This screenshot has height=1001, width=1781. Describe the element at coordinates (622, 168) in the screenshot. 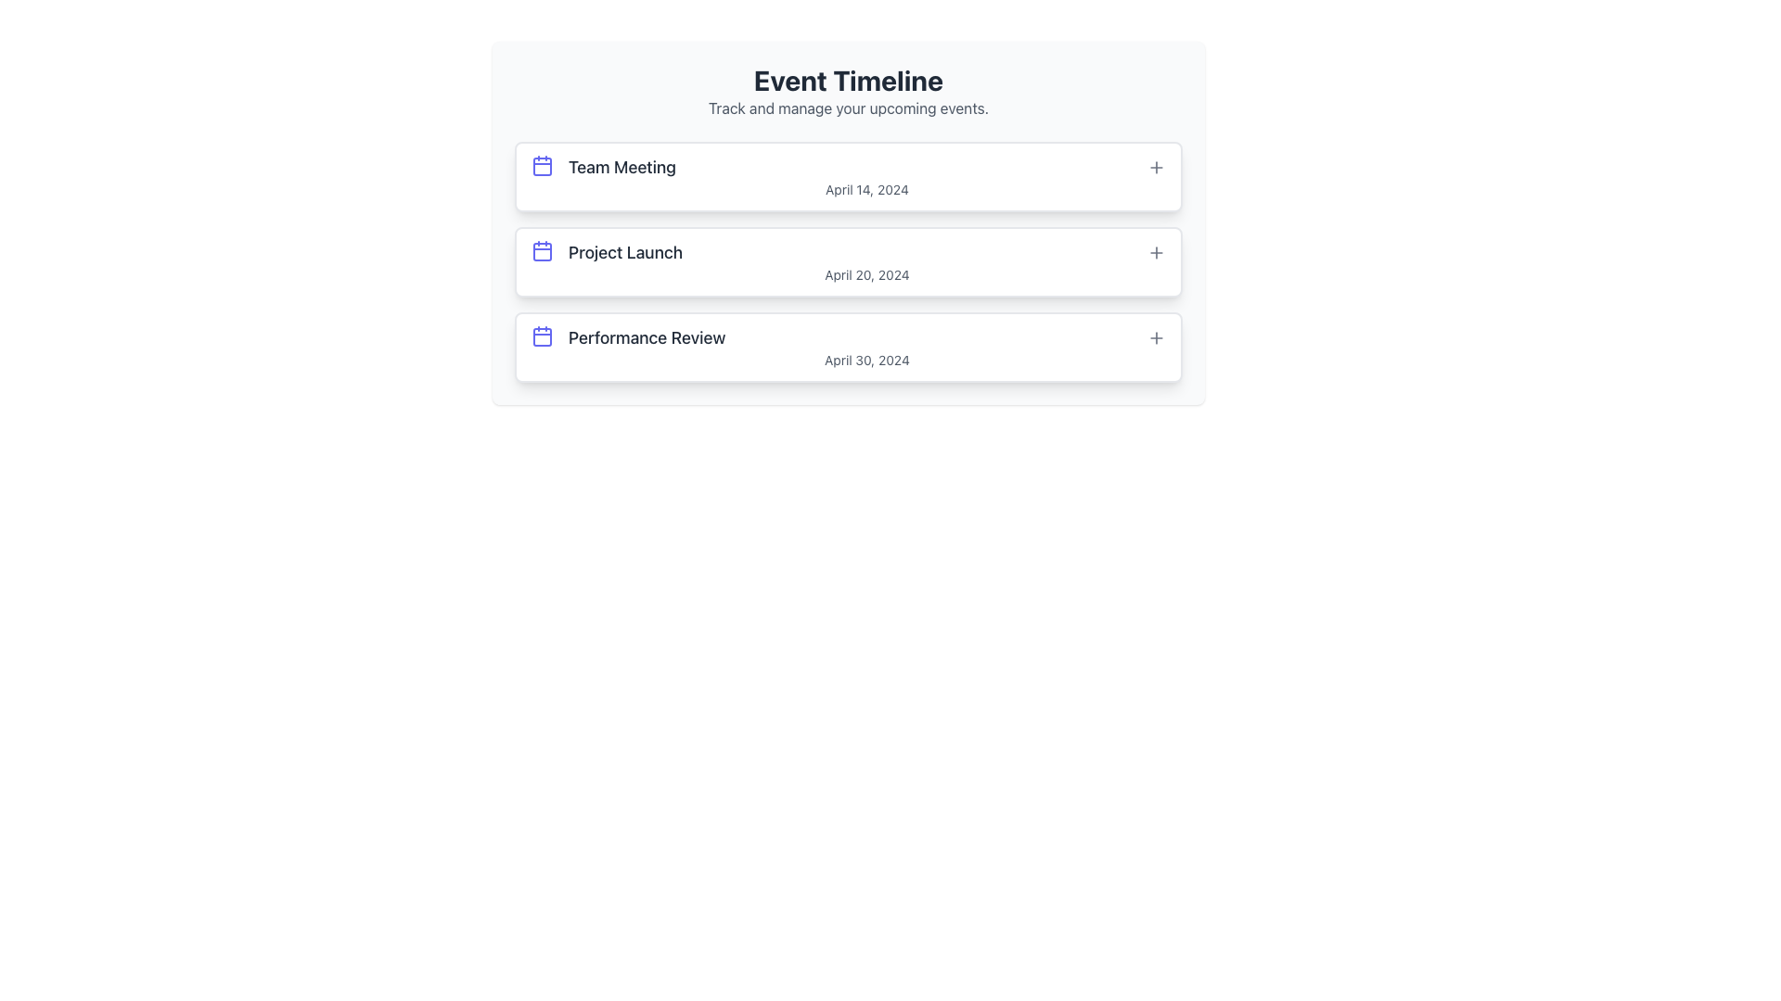

I see `the text label displaying 'Team Meeting', which is styled in medium bold font and is positioned to the left of a plus icon in the top-left section of the first entry in the 'Event Timeline' list` at that location.